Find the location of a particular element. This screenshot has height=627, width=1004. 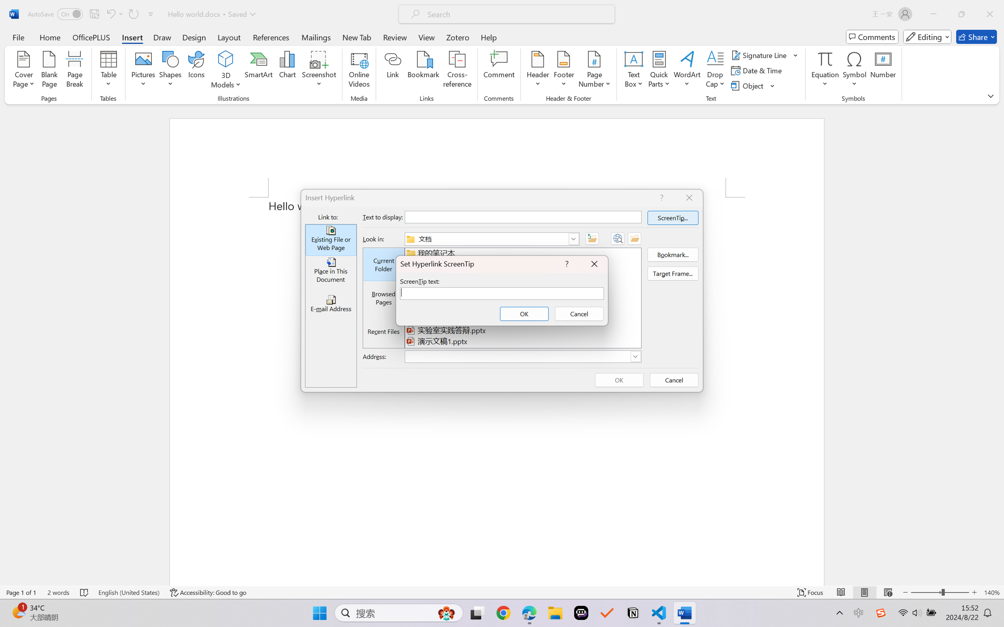

'RichEdit Control' is located at coordinates (502, 293).